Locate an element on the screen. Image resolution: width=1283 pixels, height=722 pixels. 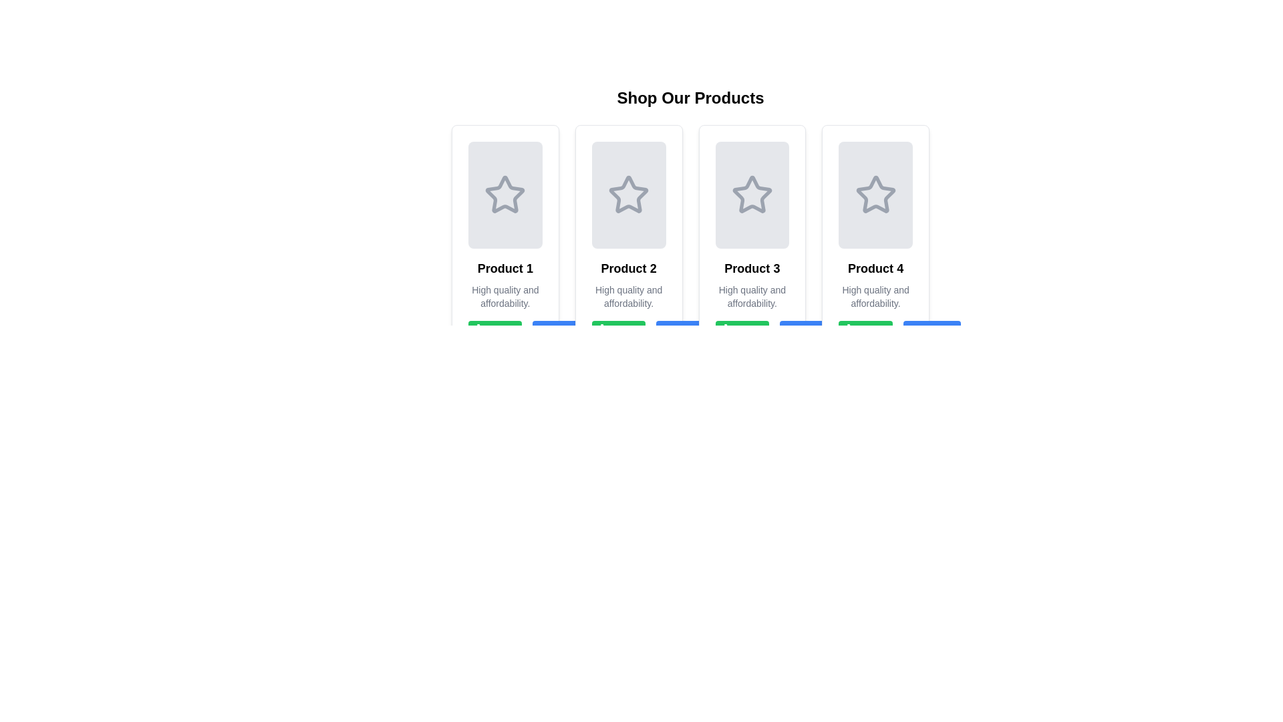
the star icon at the top of the 'Product 1' card, which has a thin gray outline and no fill, located in a grid of product cards is located at coordinates (505, 194).